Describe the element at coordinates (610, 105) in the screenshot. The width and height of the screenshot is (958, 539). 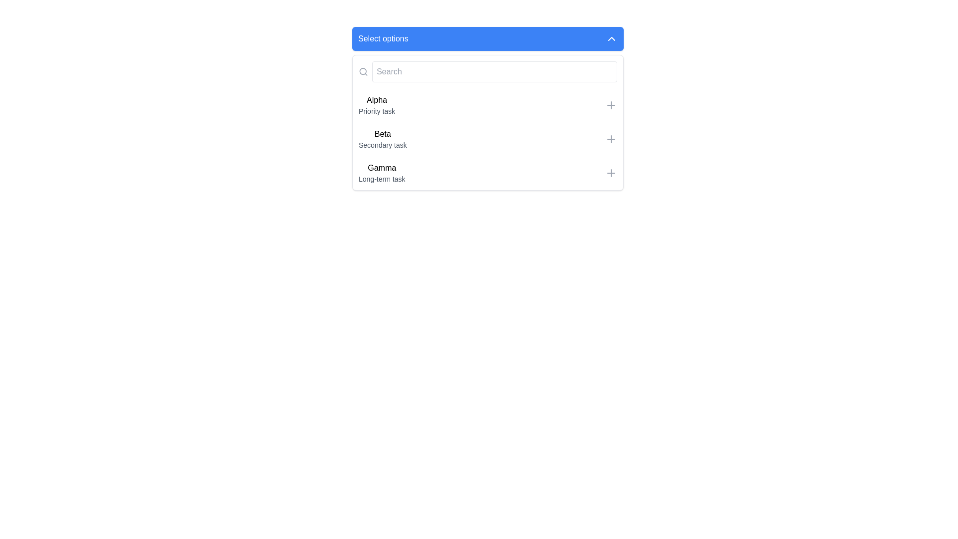
I see `the plus icon button located in the right section of the 'Alpha Priority task' row` at that location.